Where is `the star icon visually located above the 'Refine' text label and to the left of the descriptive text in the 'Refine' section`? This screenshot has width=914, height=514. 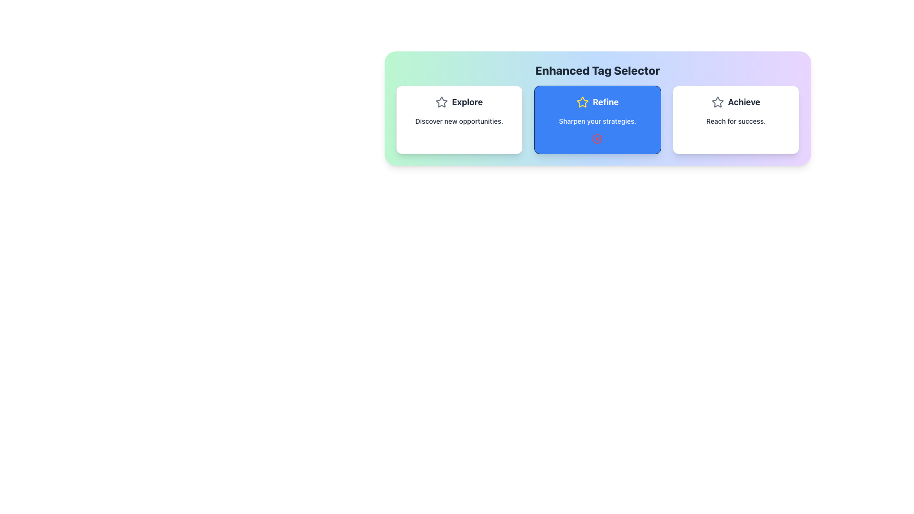 the star icon visually located above the 'Refine' text label and to the left of the descriptive text in the 'Refine' section is located at coordinates (582, 102).